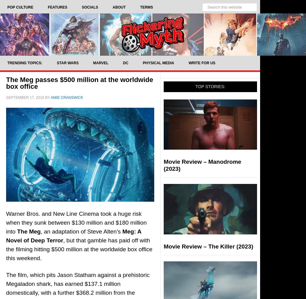 This screenshot has height=299, width=306. I want to click on 'TRENDING TOPICS:', so click(24, 62).